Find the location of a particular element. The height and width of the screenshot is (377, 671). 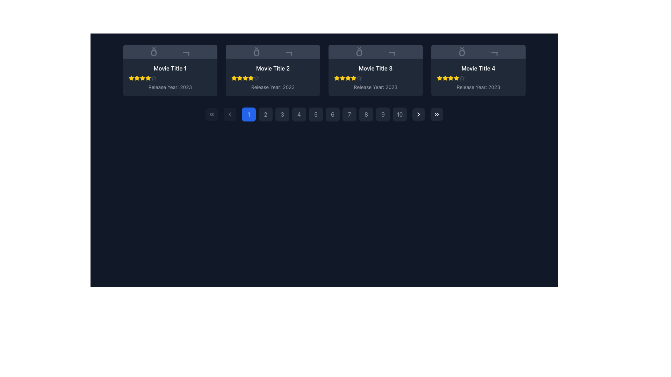

the square button with rounded corners displaying the number '9' is located at coordinates (382, 114).